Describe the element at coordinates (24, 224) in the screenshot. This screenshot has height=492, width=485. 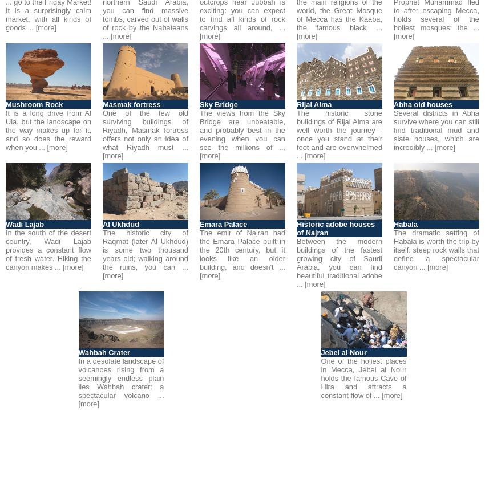
I see `'Wadi Lajab'` at that location.